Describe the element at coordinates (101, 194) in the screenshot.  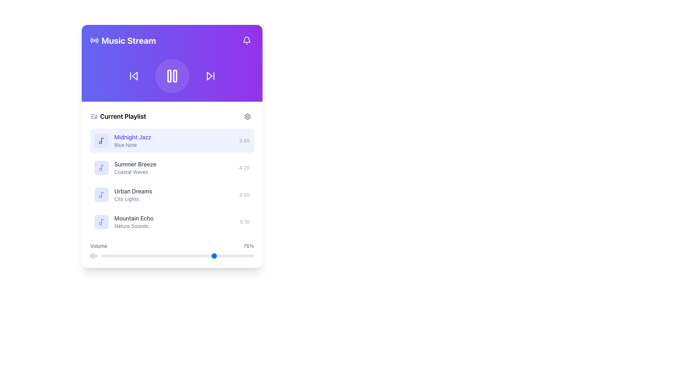
I see `the music track icon located in the third row of the playlist section for additional interaction options` at that location.